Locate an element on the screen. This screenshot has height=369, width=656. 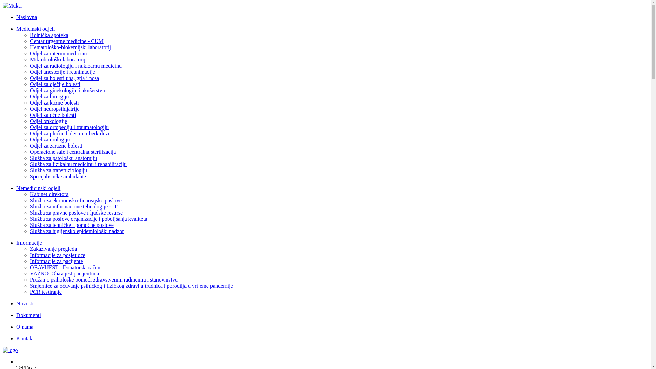
'Kabinet direktora' is located at coordinates (49, 194).